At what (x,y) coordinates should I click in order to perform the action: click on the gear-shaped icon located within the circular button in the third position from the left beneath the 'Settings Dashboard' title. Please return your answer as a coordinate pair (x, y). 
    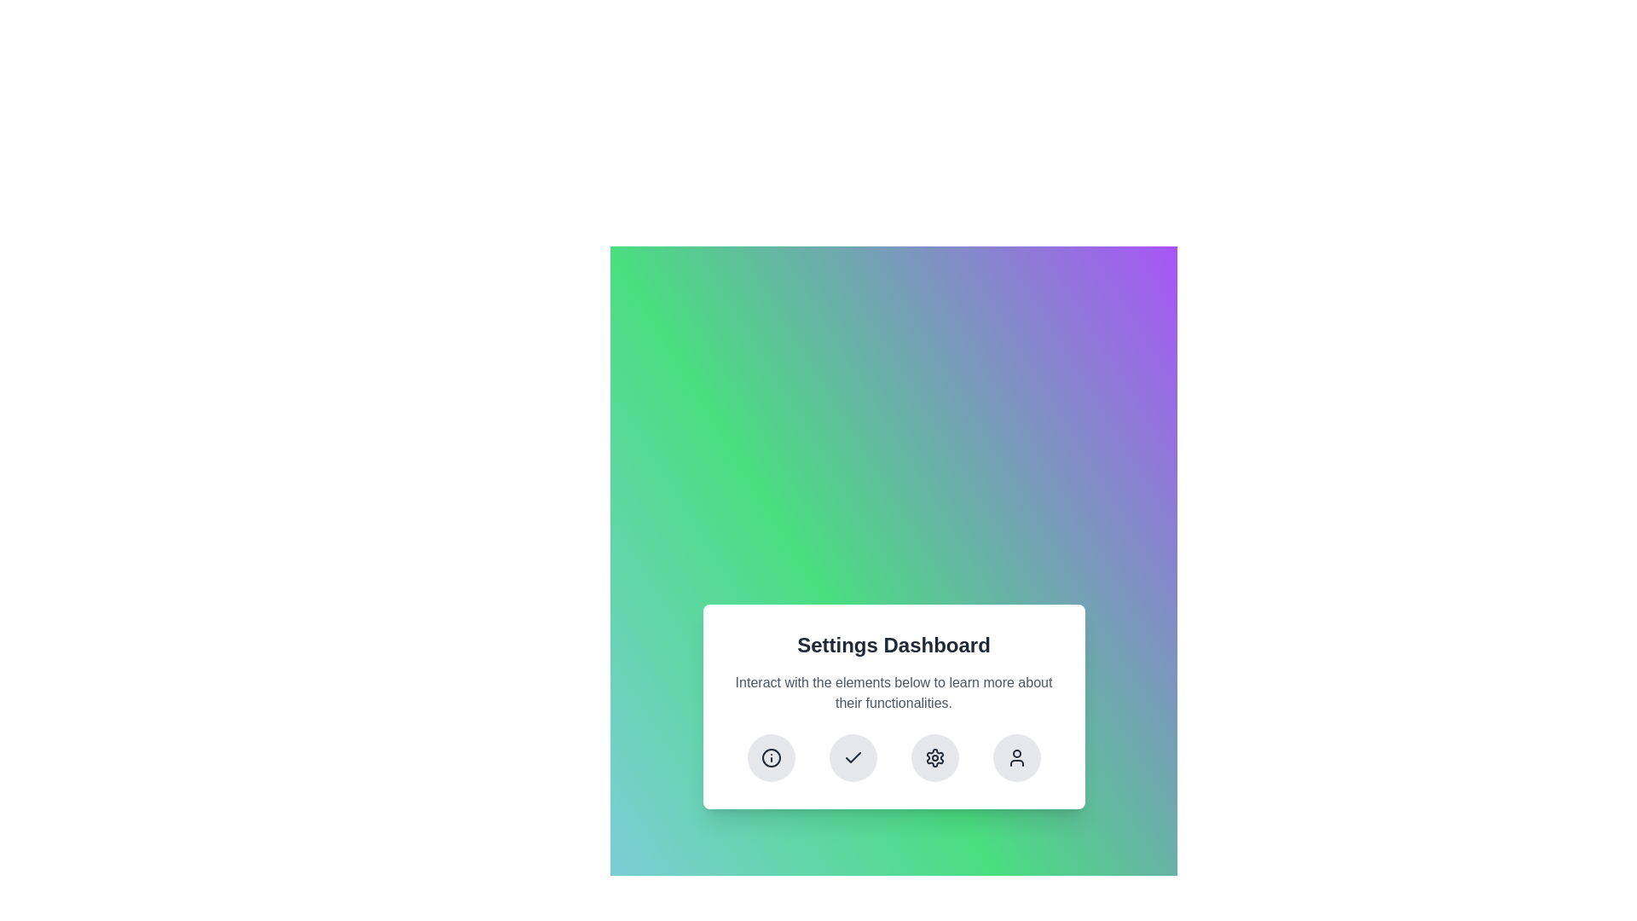
    Looking at the image, I should click on (934, 756).